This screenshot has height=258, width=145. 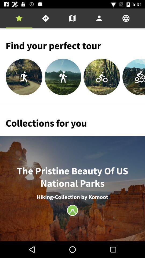 I want to click on the item above the find your perfect, so click(x=19, y=18).